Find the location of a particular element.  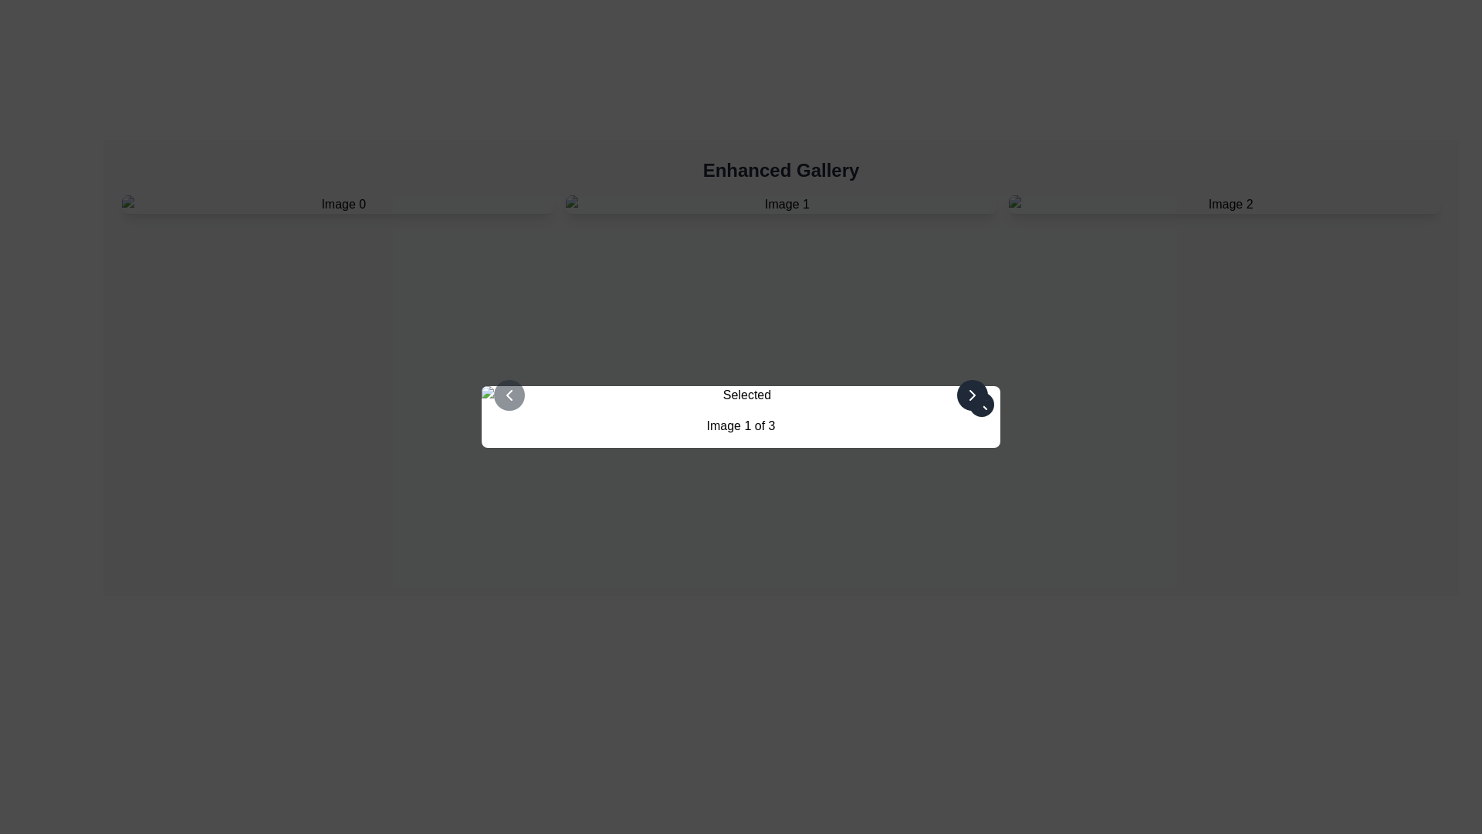

the chevron icon button located at the rightmost side of the navigational footer is located at coordinates (971, 395).